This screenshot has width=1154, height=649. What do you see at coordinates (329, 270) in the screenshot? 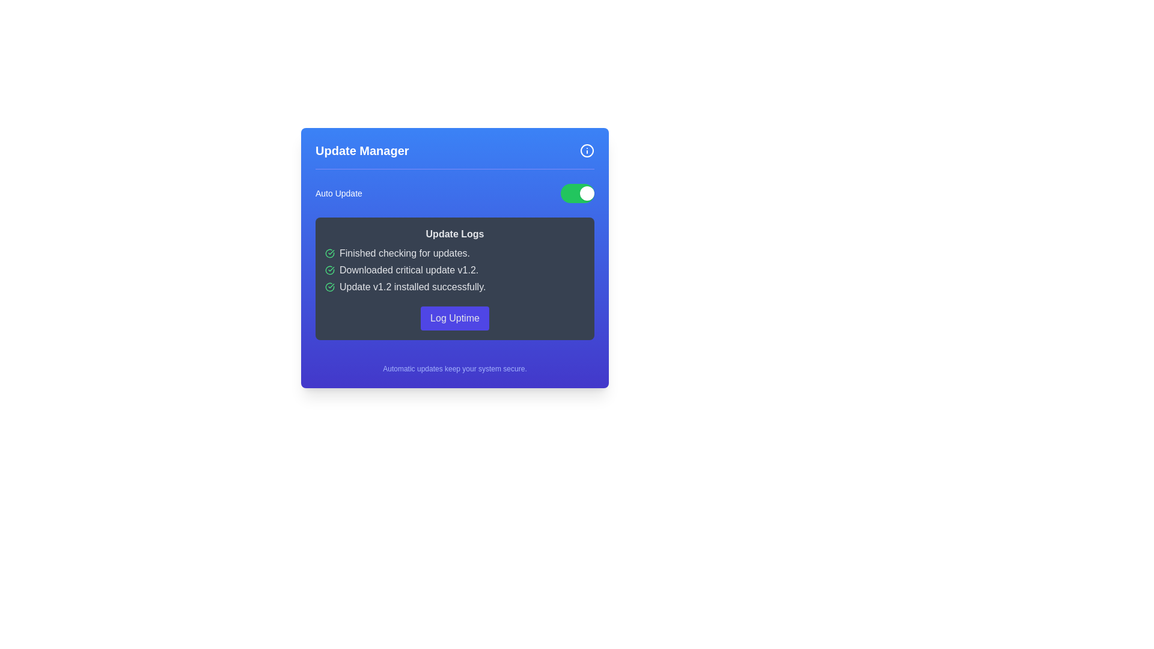
I see `the icon that indicates the successful completion of the action 'Downloaded critical update v1.2.' located at the beginning of the row in the update logs` at bounding box center [329, 270].